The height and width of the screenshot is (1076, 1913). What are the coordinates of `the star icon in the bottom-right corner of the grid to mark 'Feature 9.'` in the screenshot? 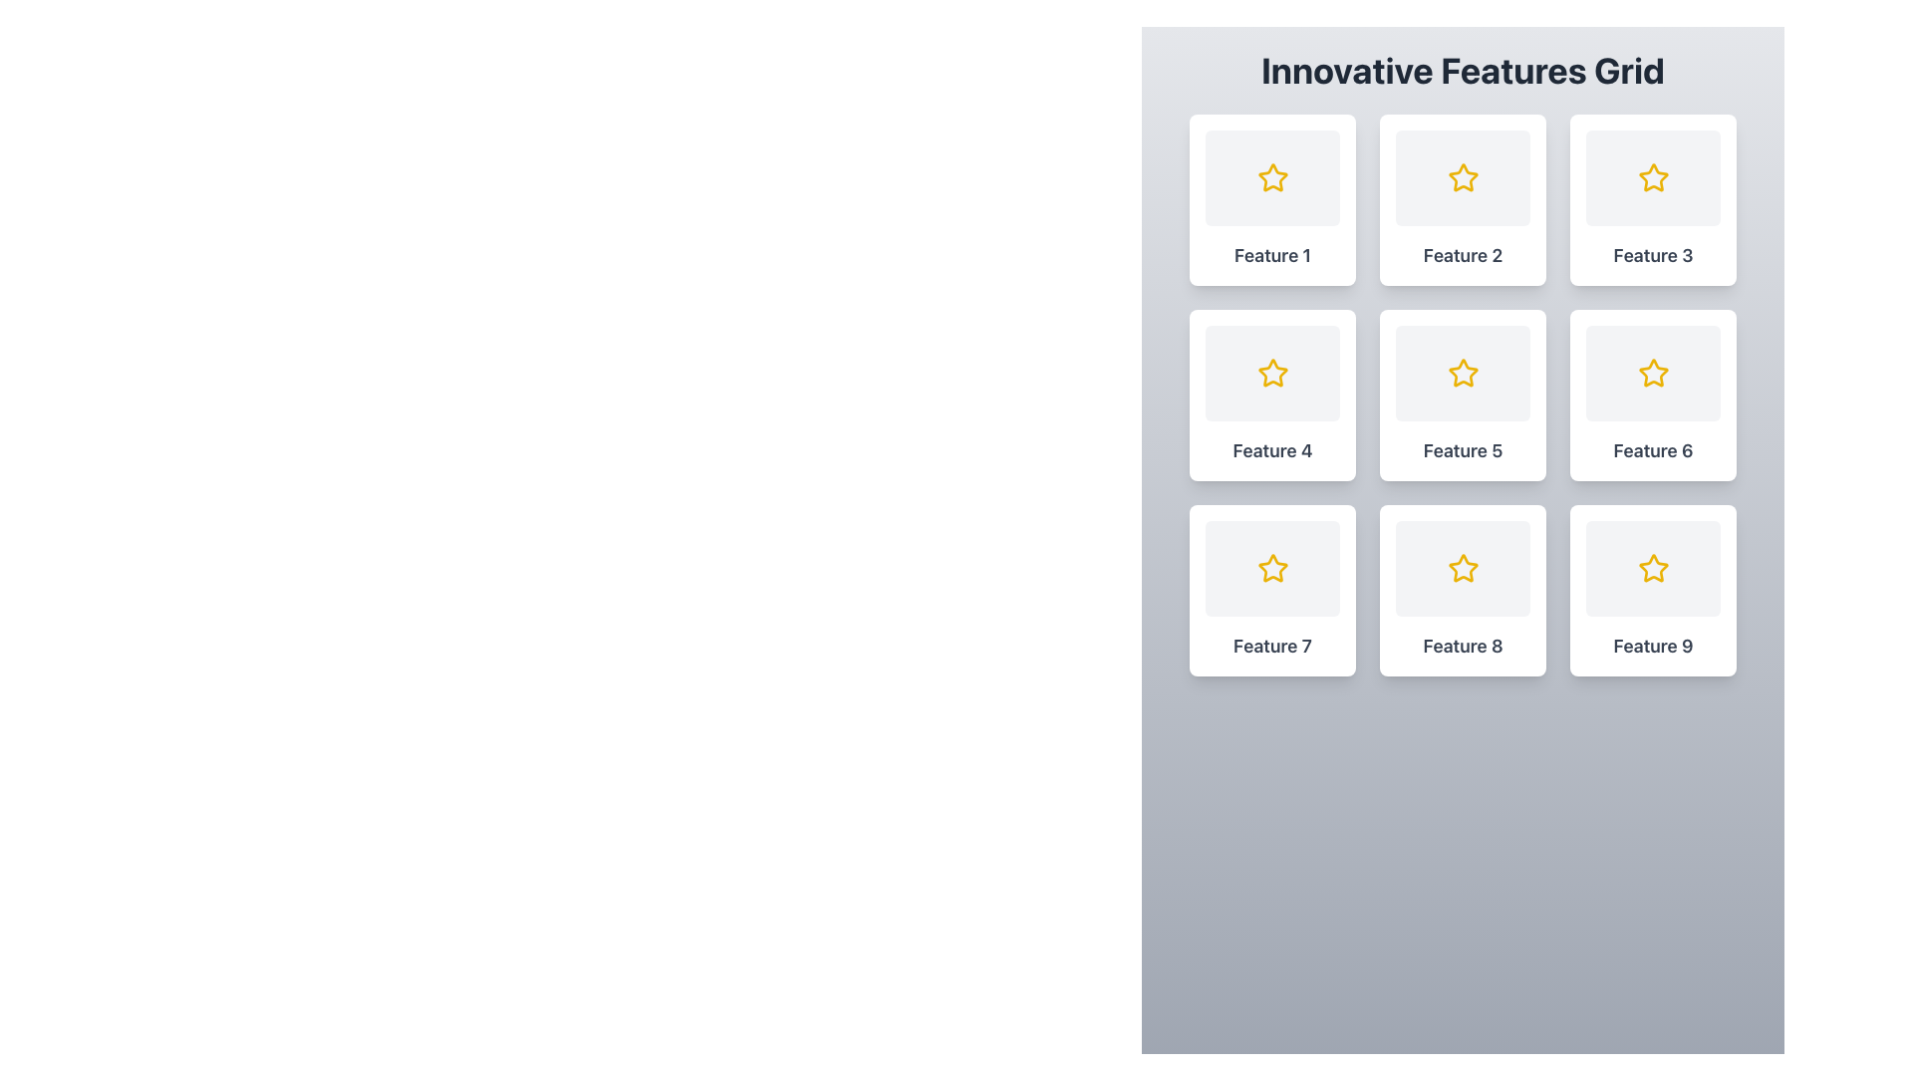 It's located at (1653, 568).